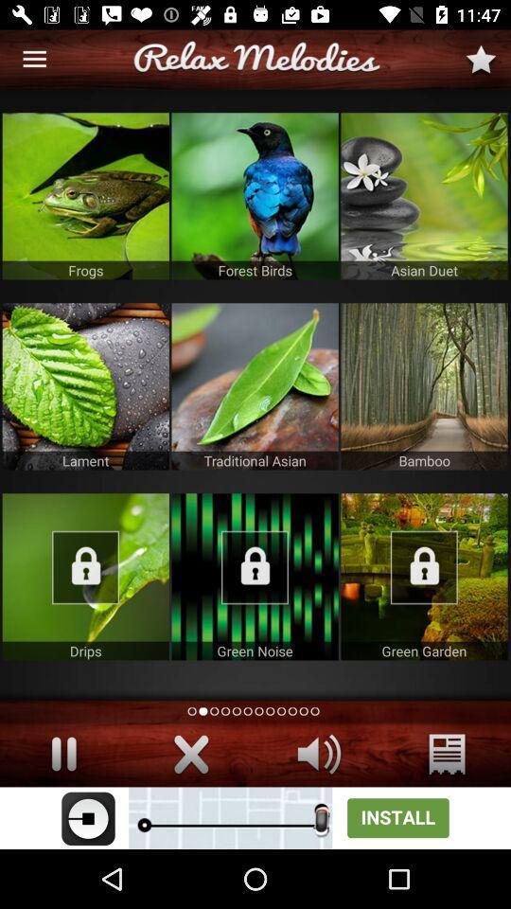  What do you see at coordinates (255, 576) in the screenshot?
I see `more picture` at bounding box center [255, 576].